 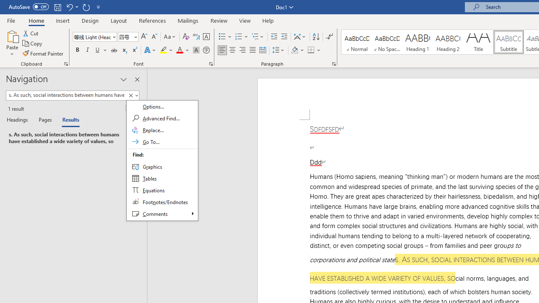 What do you see at coordinates (329, 36) in the screenshot?
I see `'Show/Hide Editing Marks'` at bounding box center [329, 36].